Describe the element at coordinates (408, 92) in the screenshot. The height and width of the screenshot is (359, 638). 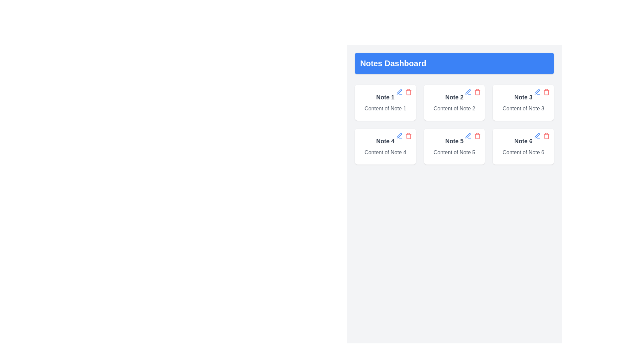
I see `the small red trash icon button, styled as an outlined trash bin, located at the top-right corner of the note card by` at that location.